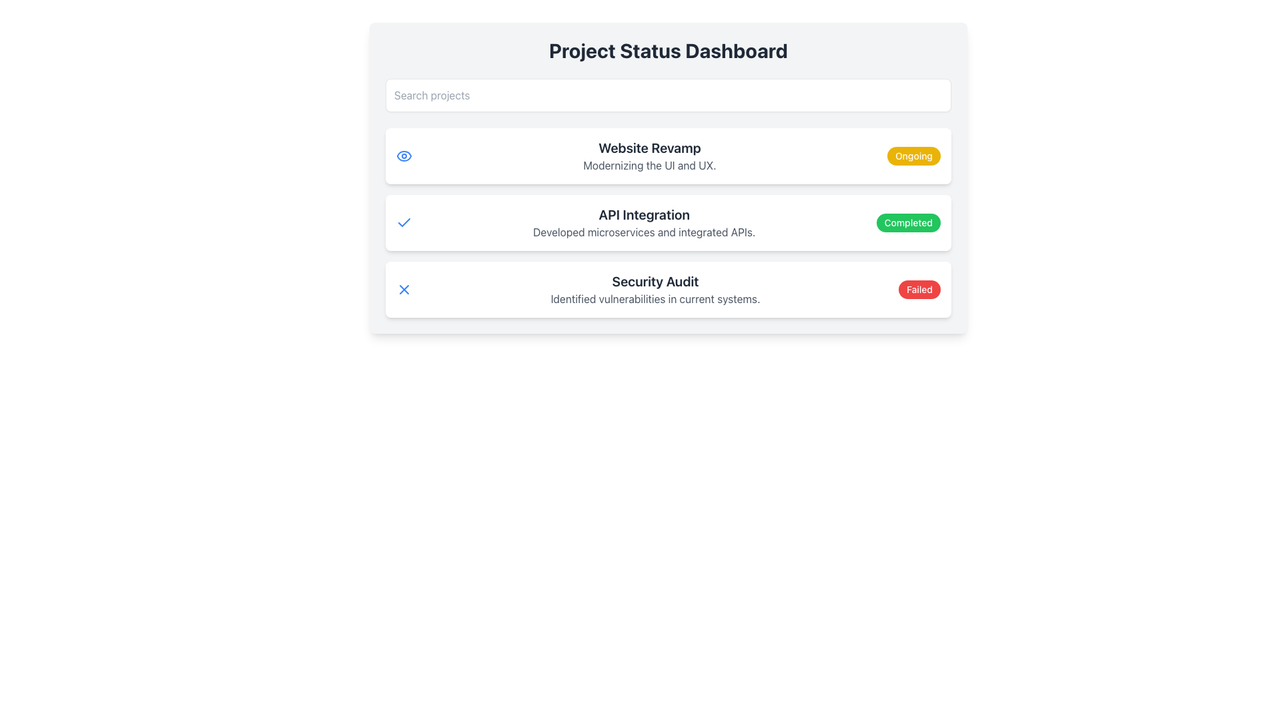 The image size is (1281, 721). What do you see at coordinates (669, 222) in the screenshot?
I see `the green label indicating the completion status of the 'API Integration' project in the Project Status Dashboard, which is the second item in the vertical list` at bounding box center [669, 222].